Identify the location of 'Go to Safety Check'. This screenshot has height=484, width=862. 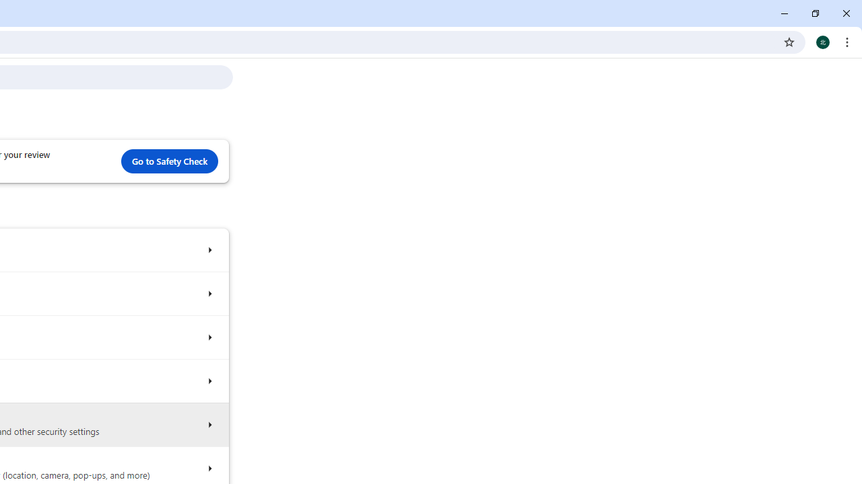
(169, 161).